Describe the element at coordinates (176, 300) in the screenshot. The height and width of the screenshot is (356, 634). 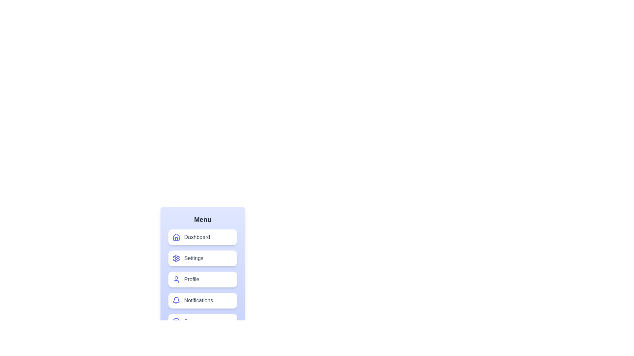
I see `the bell icon located in the lower portion of the menu section under 'Notifications', which indicates notifications or alerts` at that location.